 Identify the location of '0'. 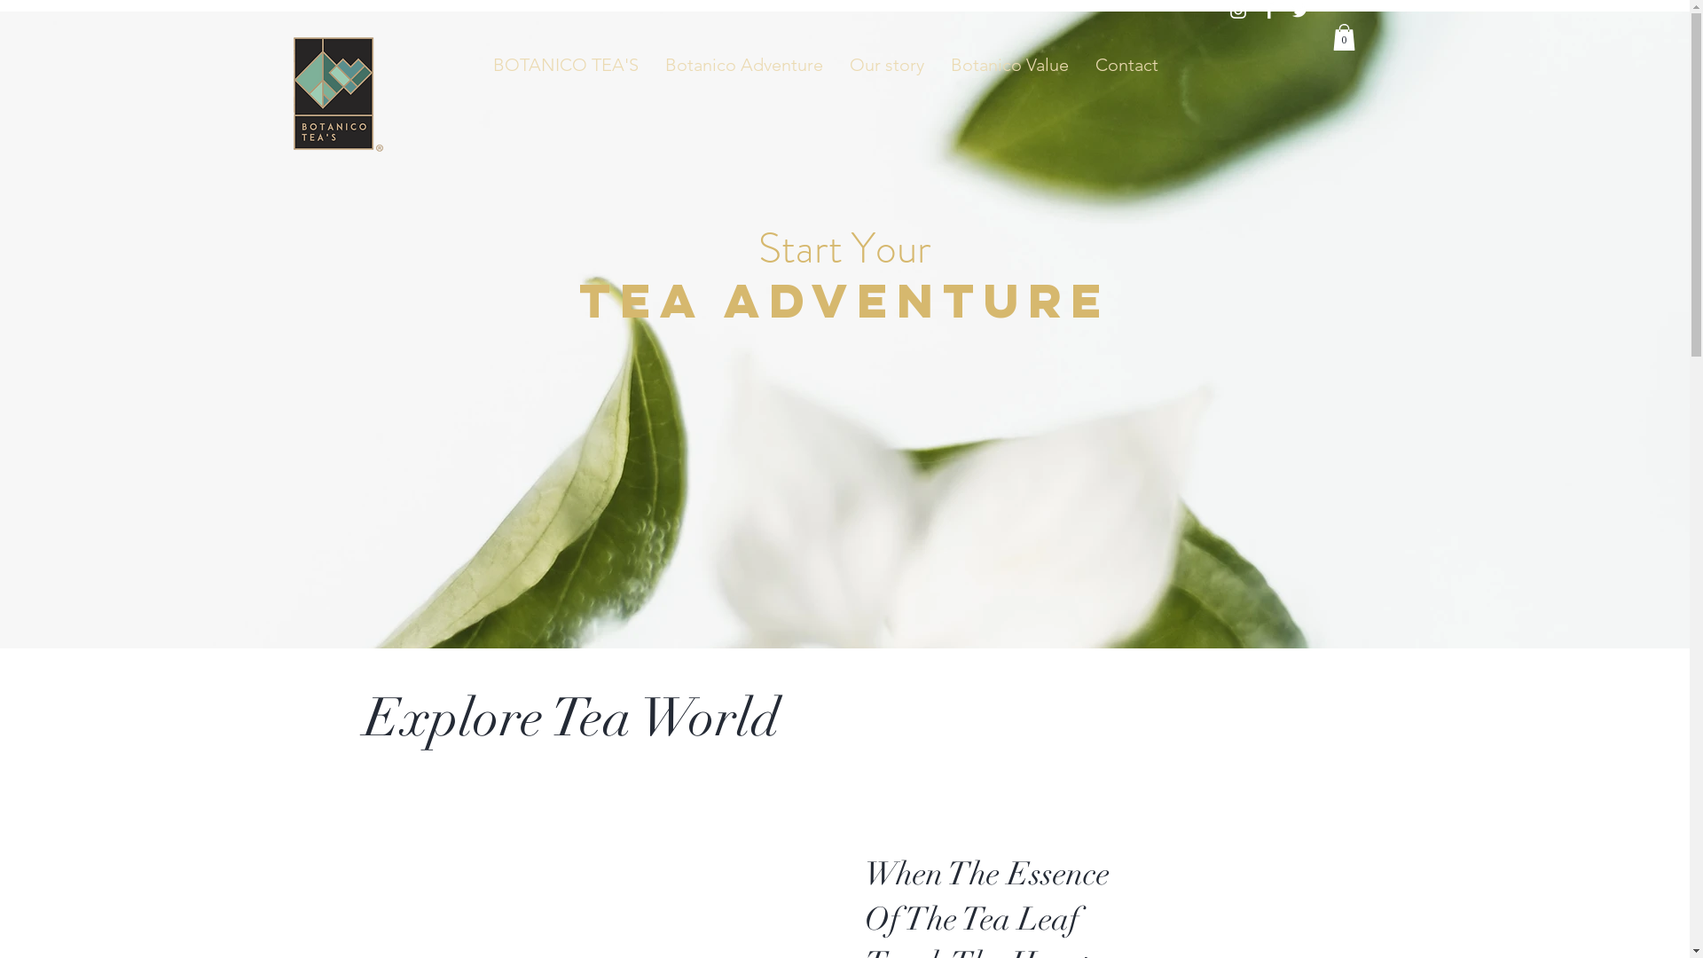
(1343, 37).